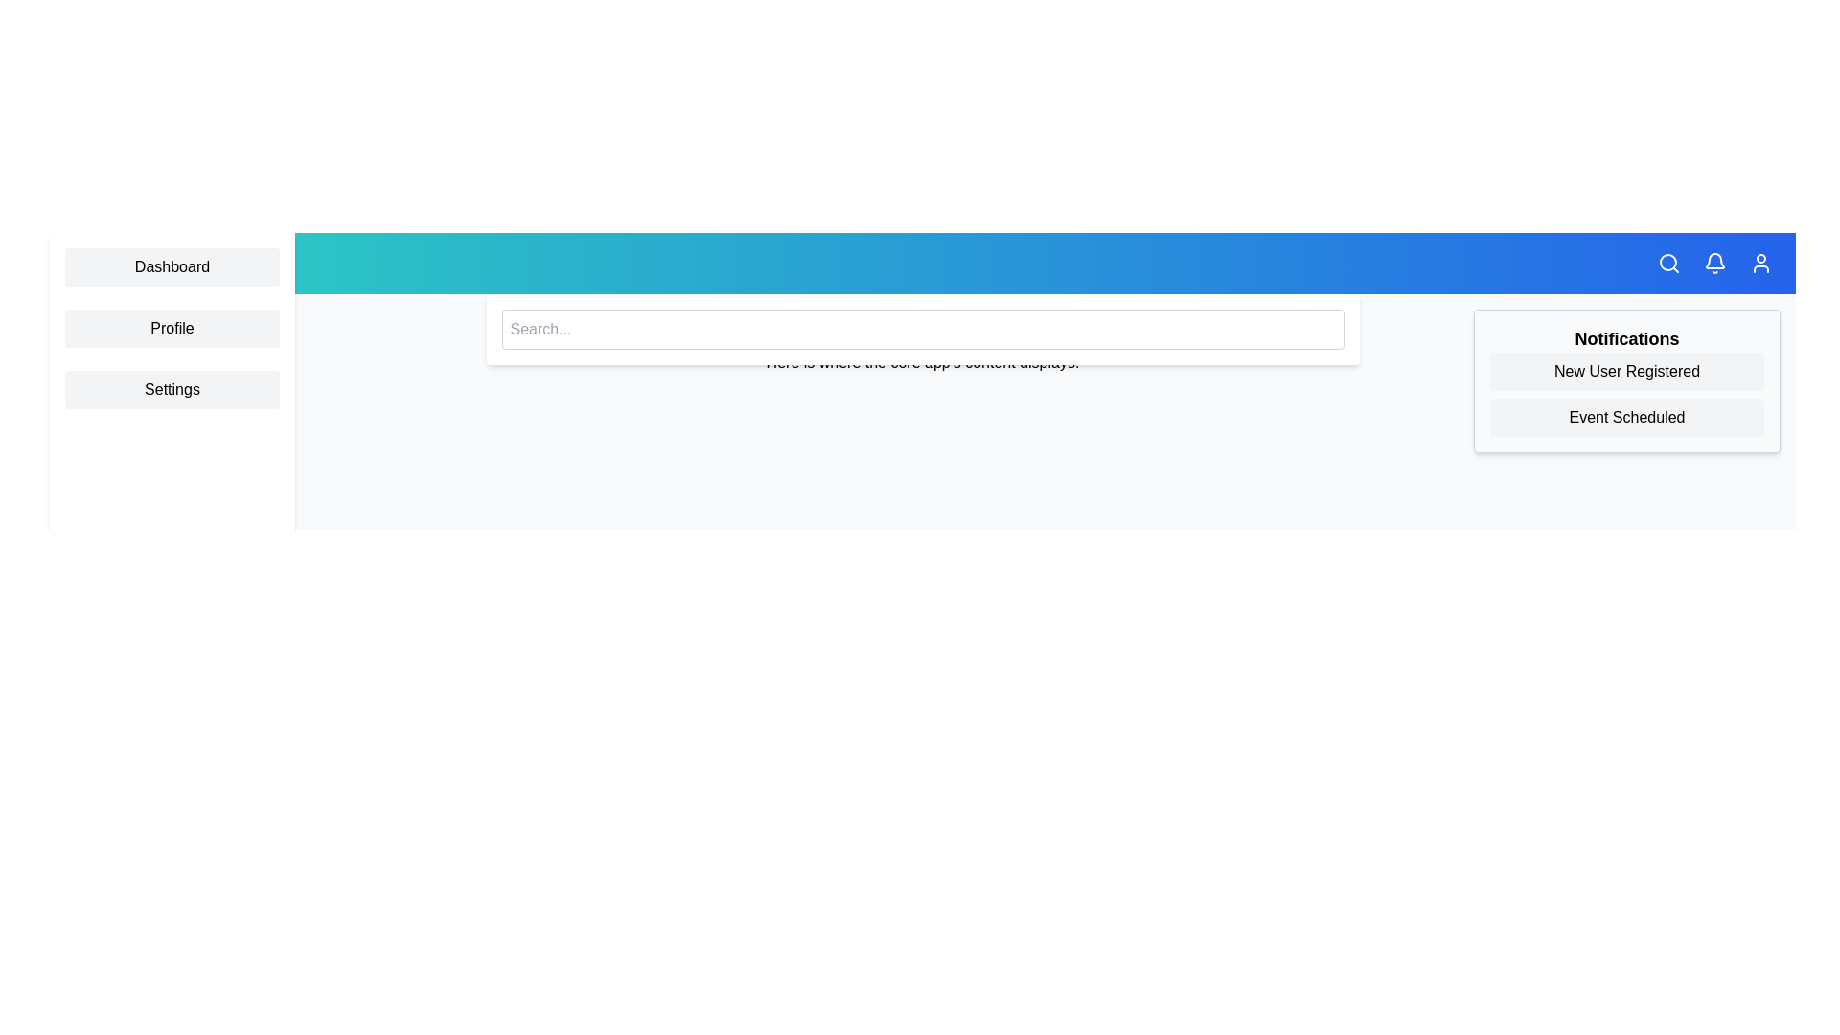 The height and width of the screenshot is (1035, 1840). I want to click on the second notification item in the notifications list, which displays a status update or message related to event scheduling, so click(1626, 416).